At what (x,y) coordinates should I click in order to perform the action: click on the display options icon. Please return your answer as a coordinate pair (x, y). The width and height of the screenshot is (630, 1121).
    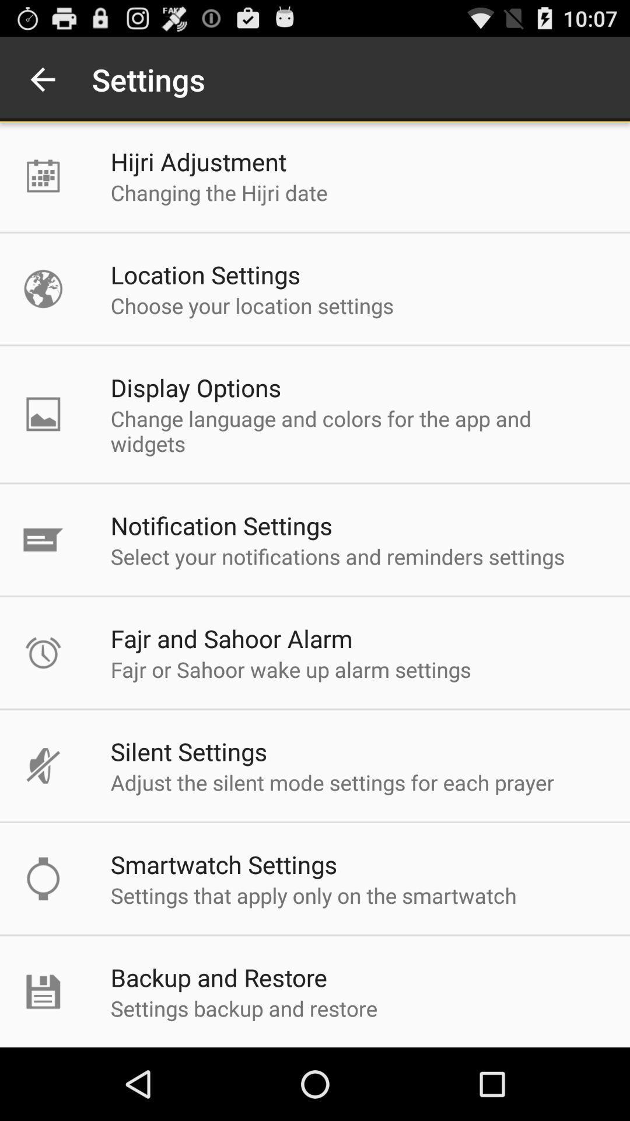
    Looking at the image, I should click on (195, 387).